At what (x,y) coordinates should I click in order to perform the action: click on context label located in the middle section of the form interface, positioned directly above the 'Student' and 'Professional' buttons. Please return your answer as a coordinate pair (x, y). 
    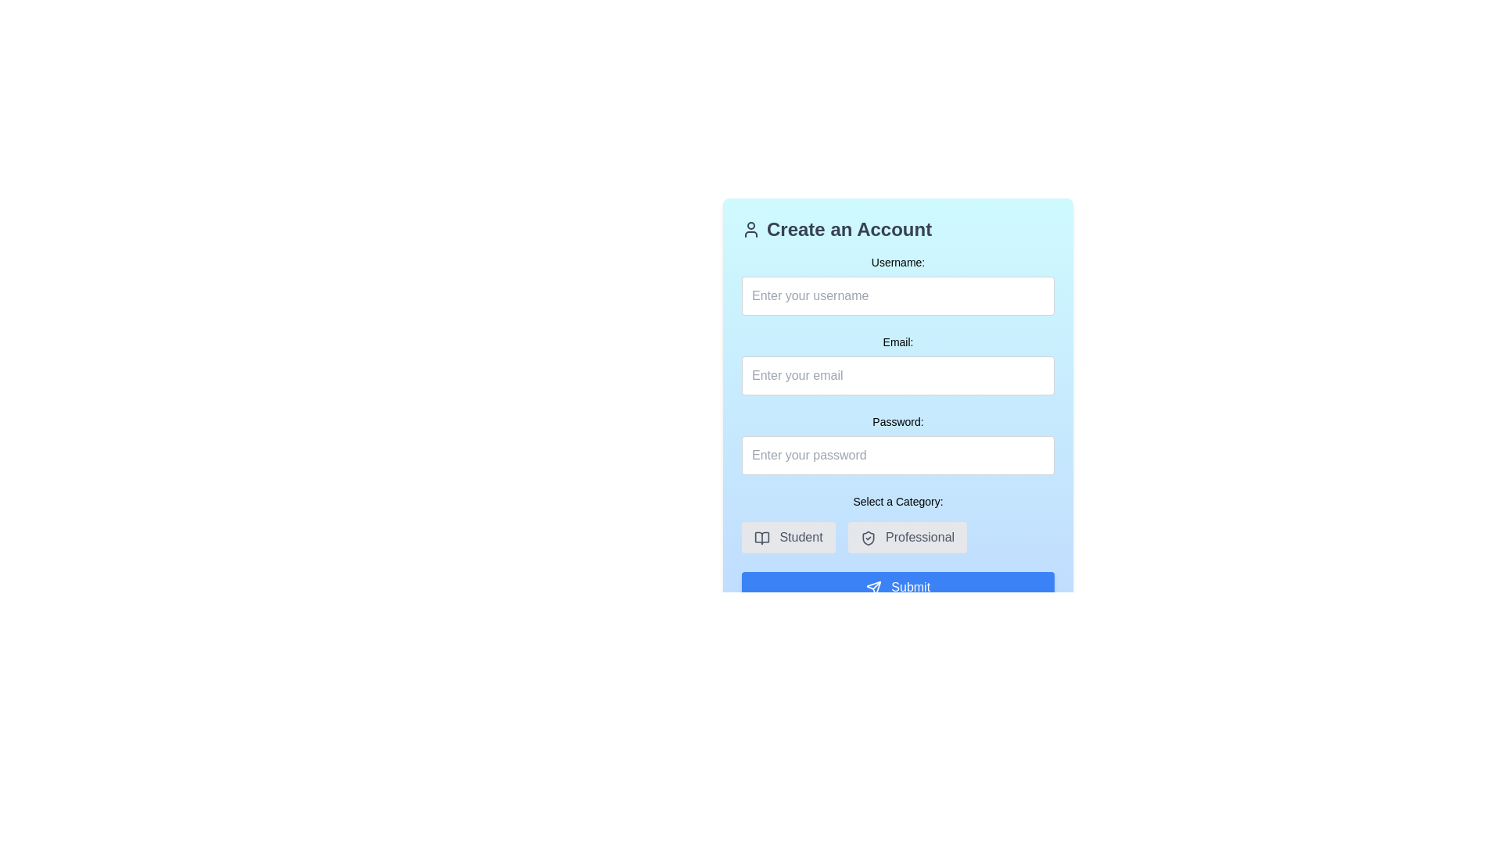
    Looking at the image, I should click on (897, 501).